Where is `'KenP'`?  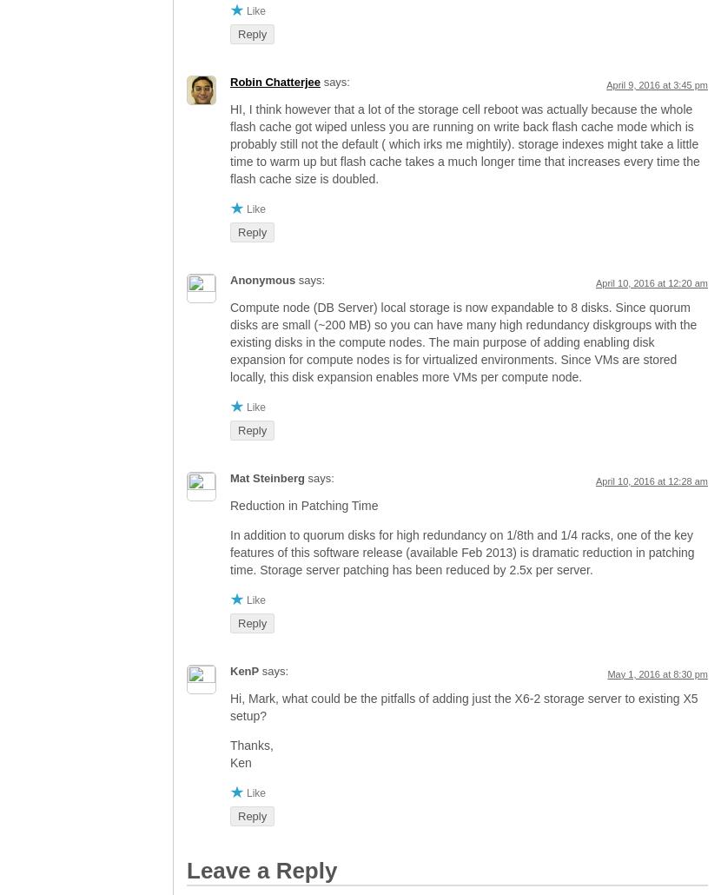
'KenP' is located at coordinates (244, 670).